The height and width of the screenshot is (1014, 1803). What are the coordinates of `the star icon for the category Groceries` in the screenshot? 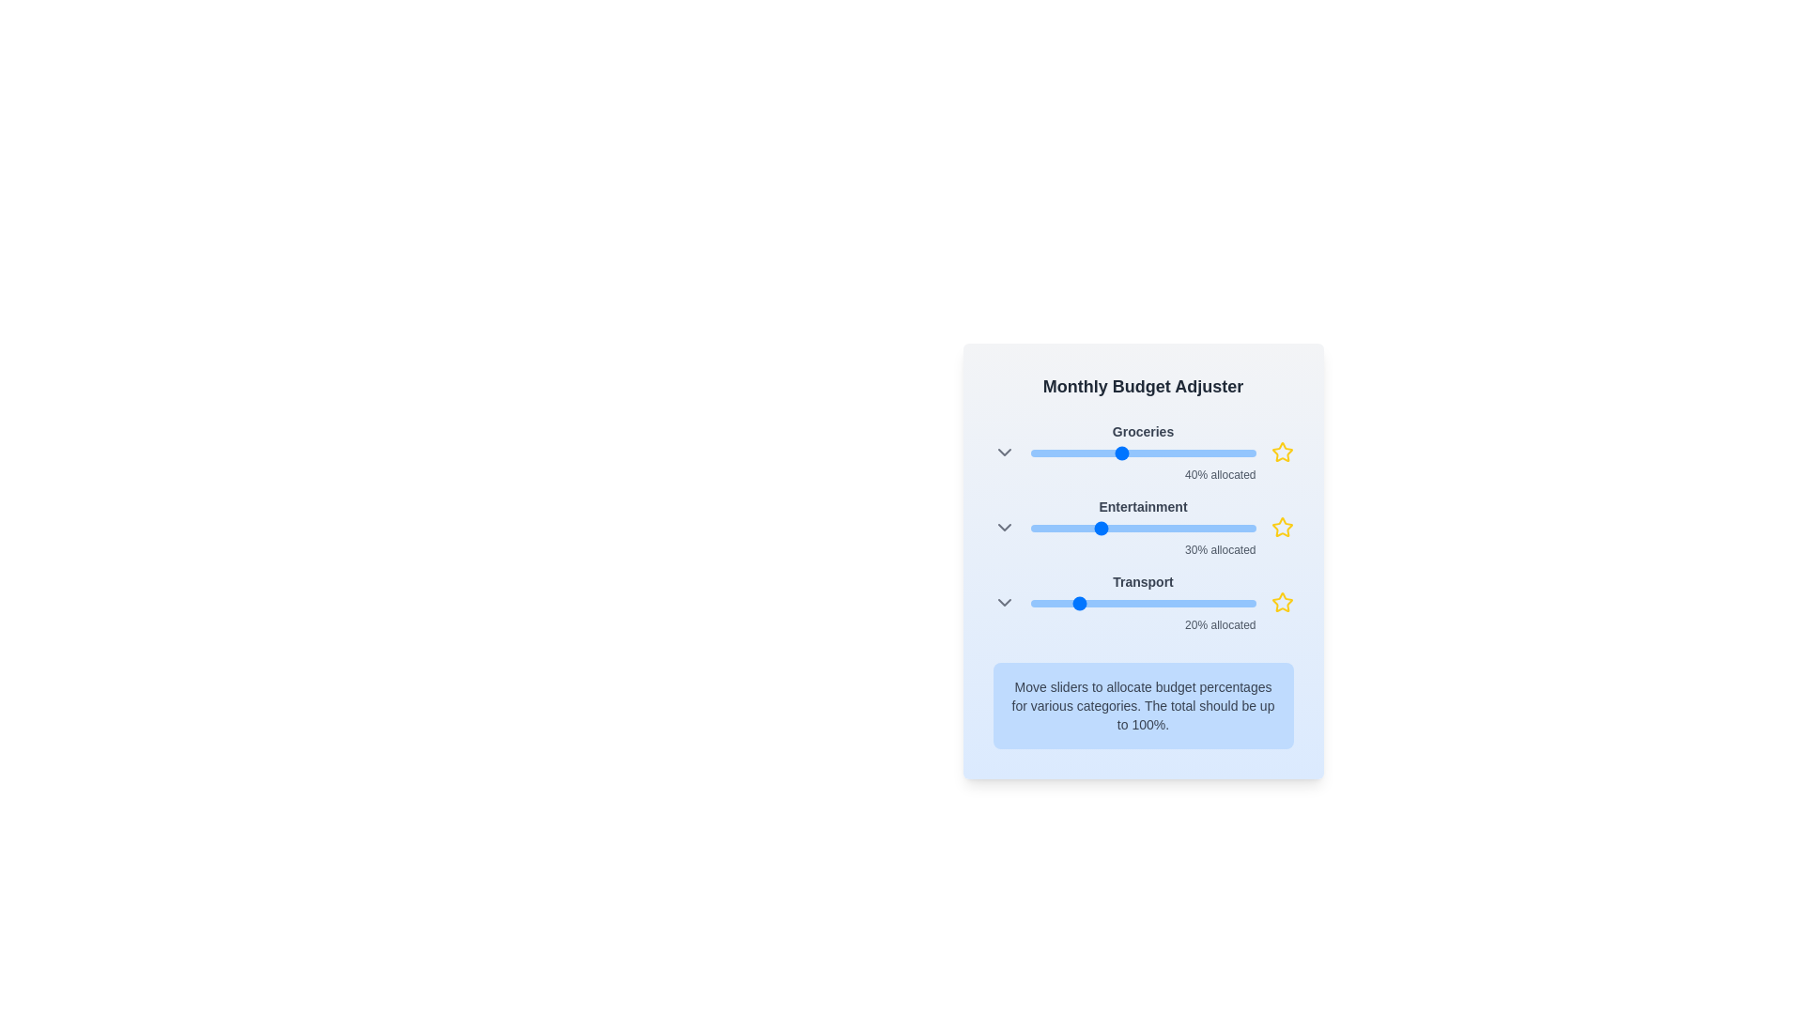 It's located at (1281, 453).